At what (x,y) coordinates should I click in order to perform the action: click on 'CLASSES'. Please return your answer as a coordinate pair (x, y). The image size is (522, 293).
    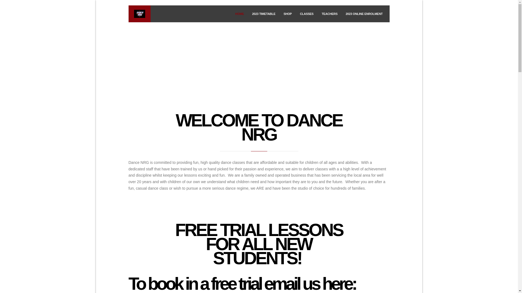
    Looking at the image, I should click on (307, 14).